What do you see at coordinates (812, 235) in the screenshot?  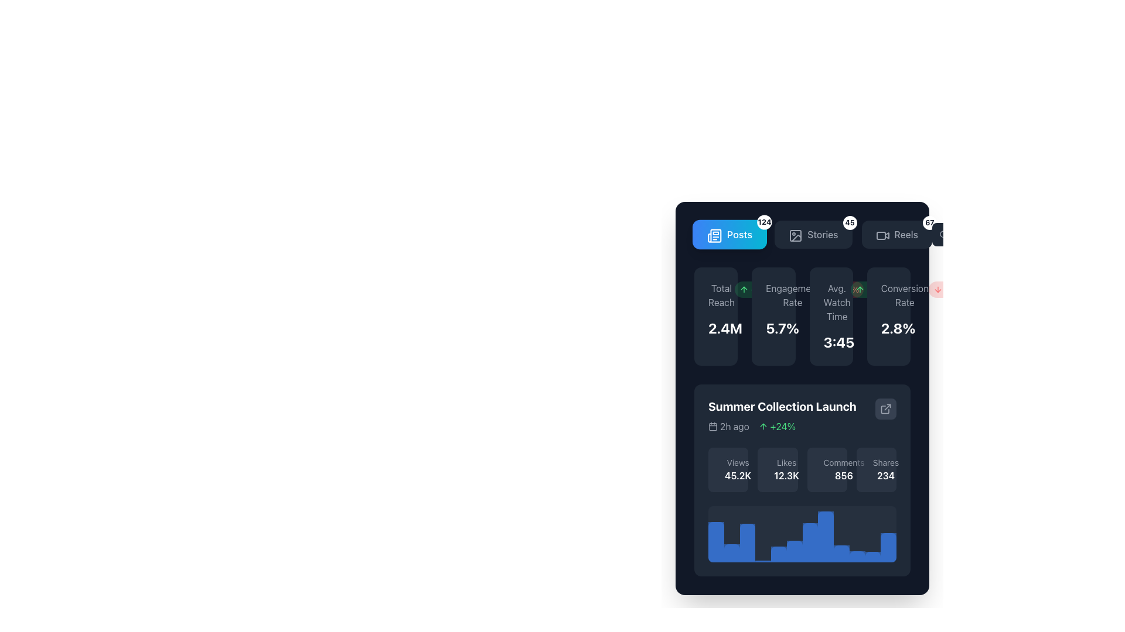 I see `the button labeled 'Stories' with a dark gray background and lighter gray text` at bounding box center [812, 235].